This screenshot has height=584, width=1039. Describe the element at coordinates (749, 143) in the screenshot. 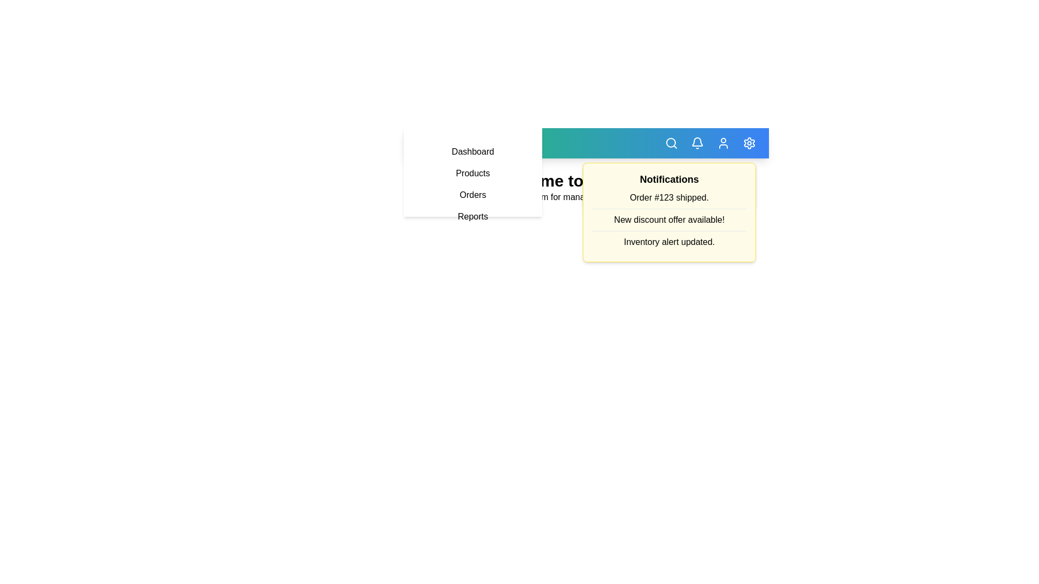

I see `the settings icon button located at the right end of the icon button row in the header` at that location.